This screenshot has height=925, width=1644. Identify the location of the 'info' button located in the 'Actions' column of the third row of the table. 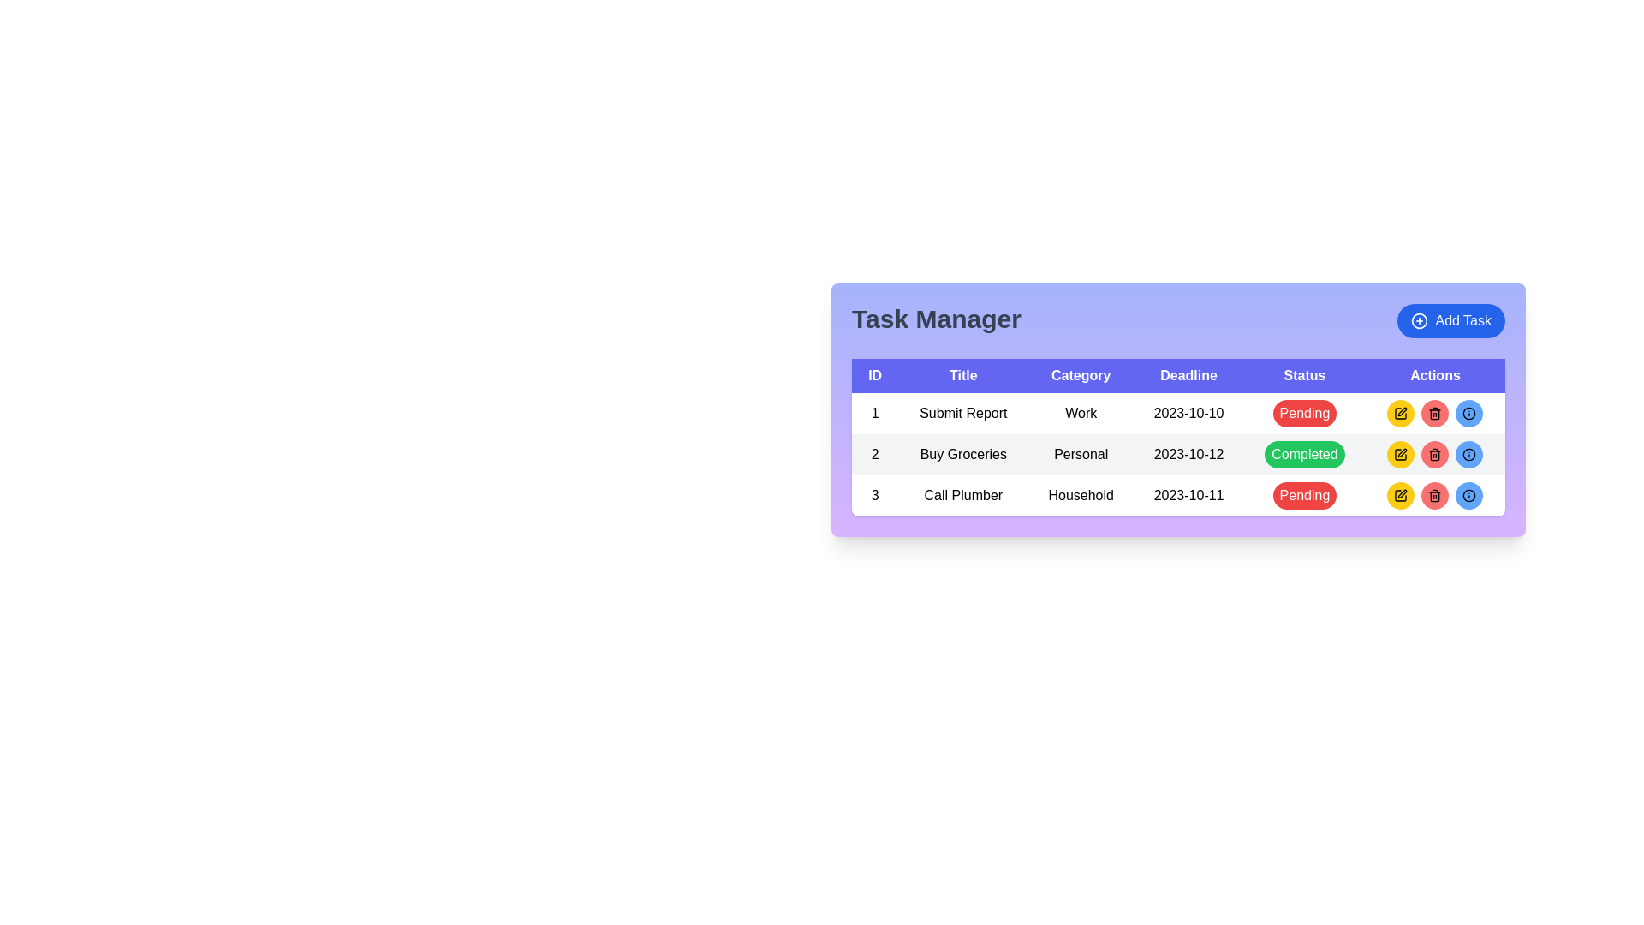
(1468, 413).